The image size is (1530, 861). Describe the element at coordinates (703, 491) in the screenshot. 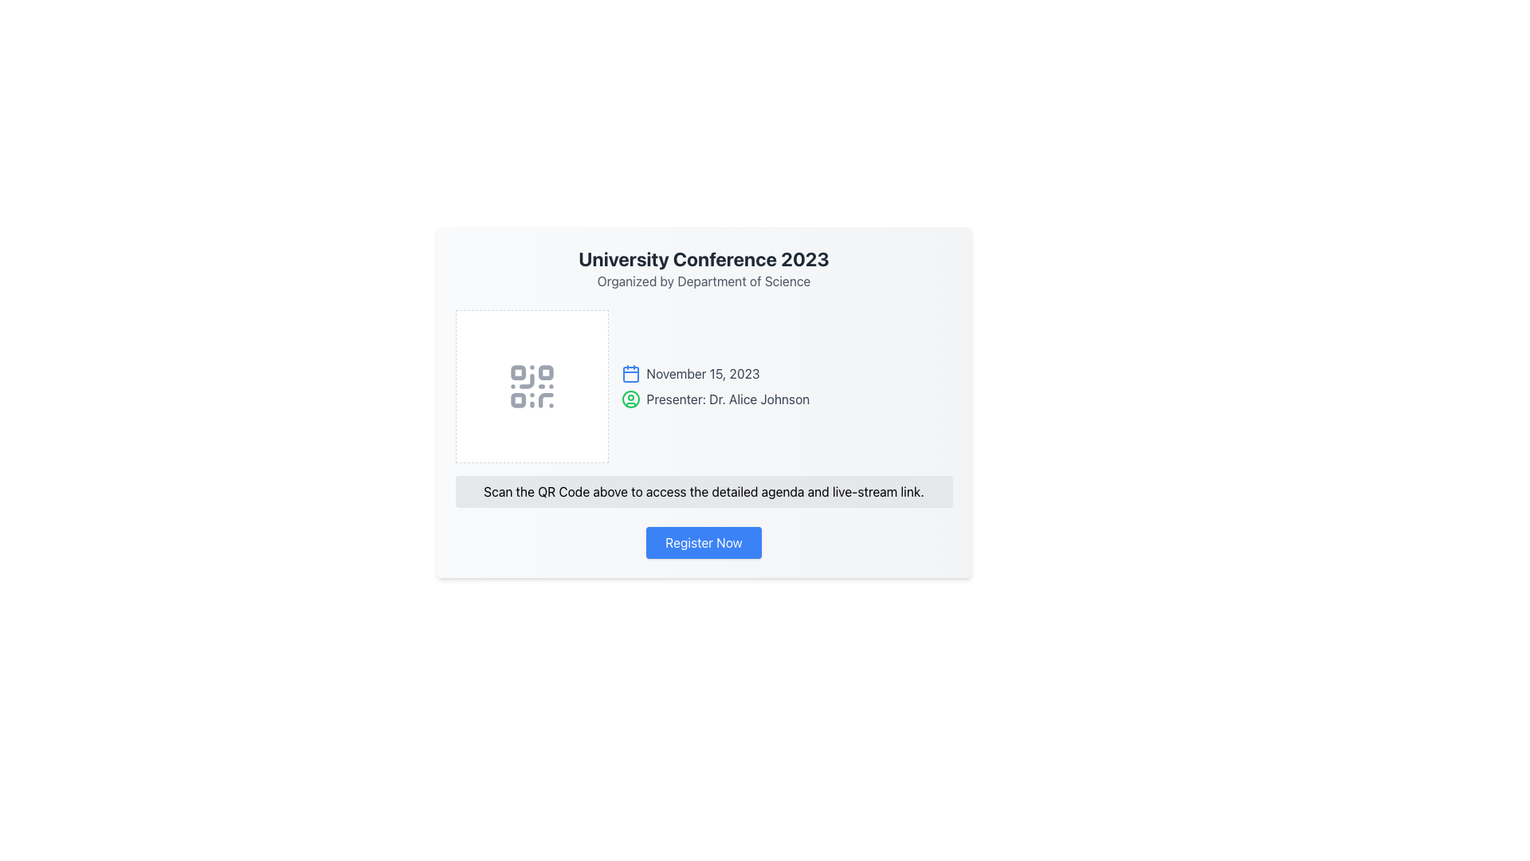

I see `the text paragraph element that instructs to 'Scan the QR Code above` at that location.